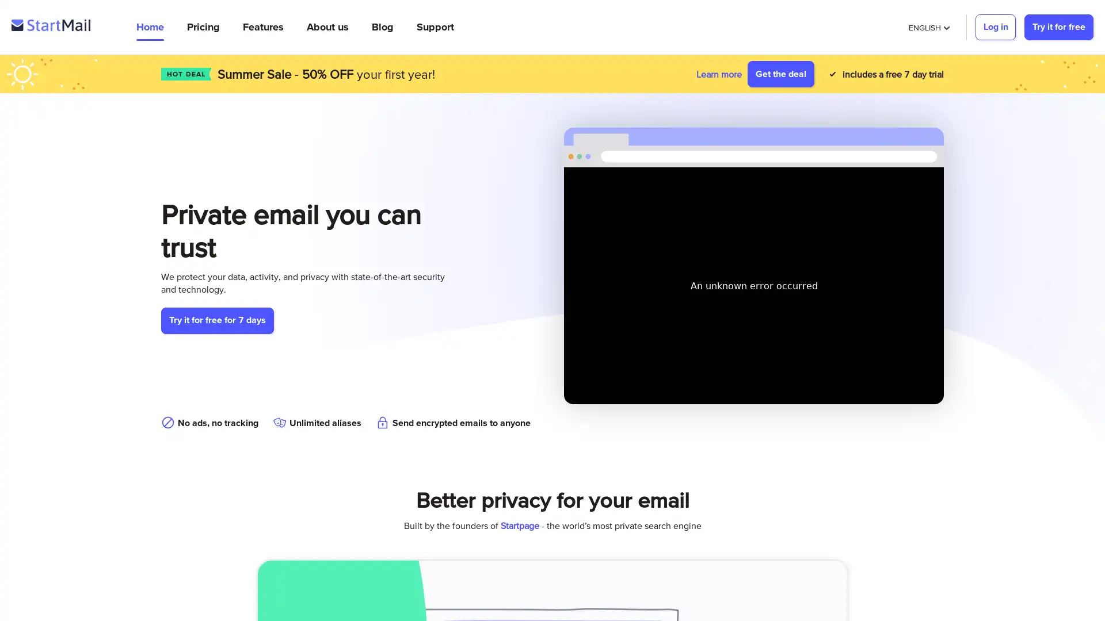 The image size is (1105, 621). Describe the element at coordinates (928, 26) in the screenshot. I see `Selected Language: English` at that location.